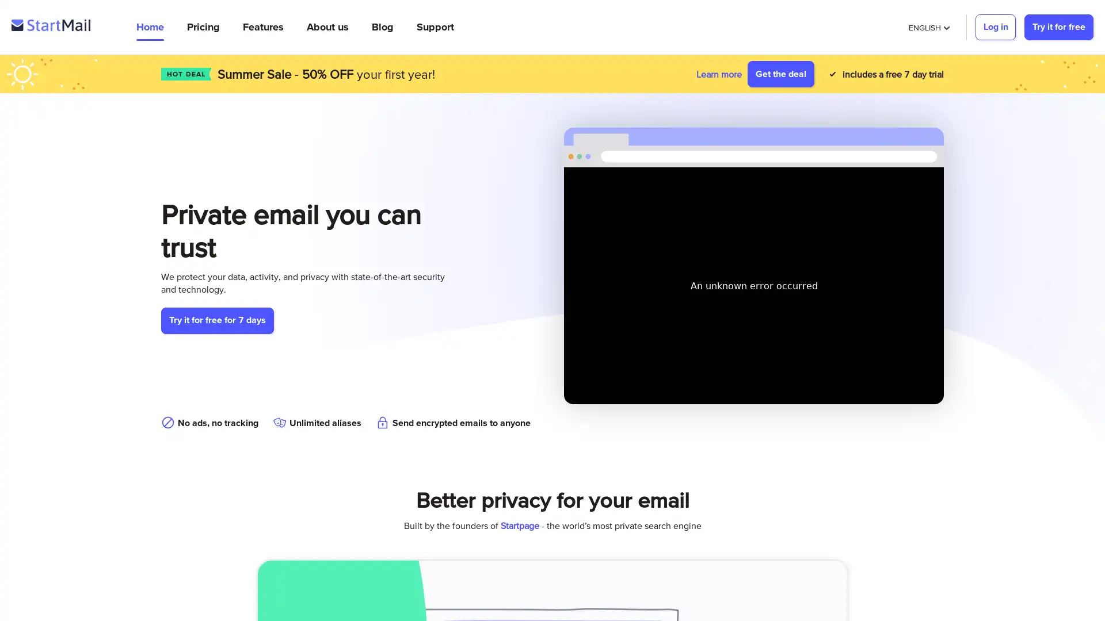 The image size is (1105, 621). Describe the element at coordinates (928, 26) in the screenshot. I see `Selected Language: English` at that location.